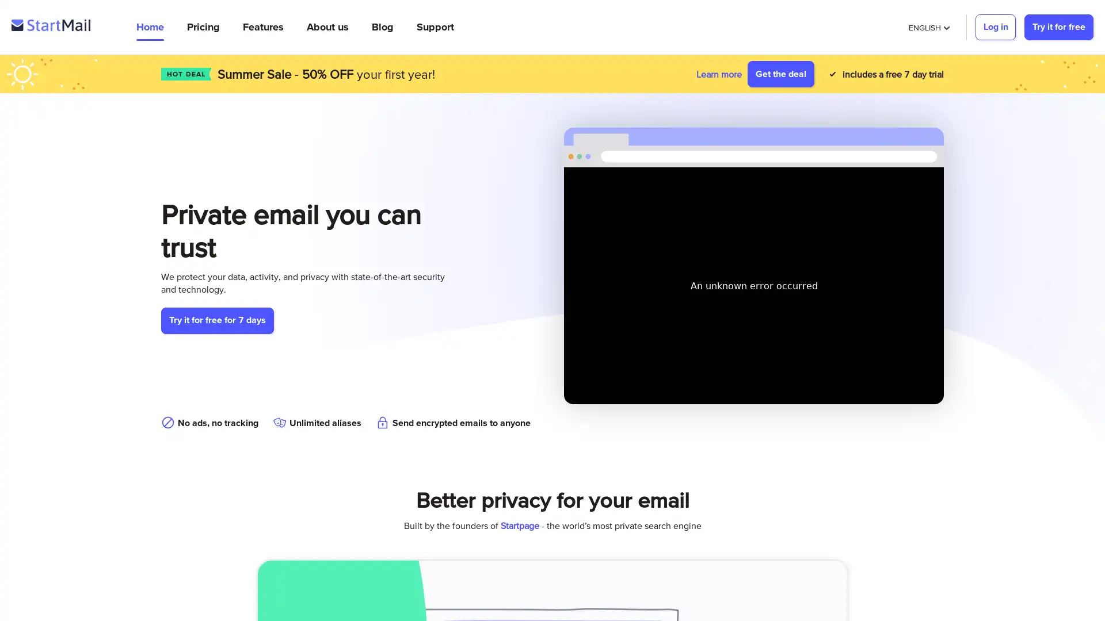 The image size is (1105, 621). Describe the element at coordinates (928, 26) in the screenshot. I see `Selected Language: English` at that location.